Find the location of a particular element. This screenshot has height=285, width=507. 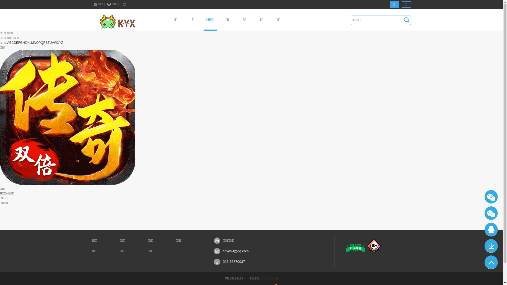

'H' is located at coordinates (24, 42).